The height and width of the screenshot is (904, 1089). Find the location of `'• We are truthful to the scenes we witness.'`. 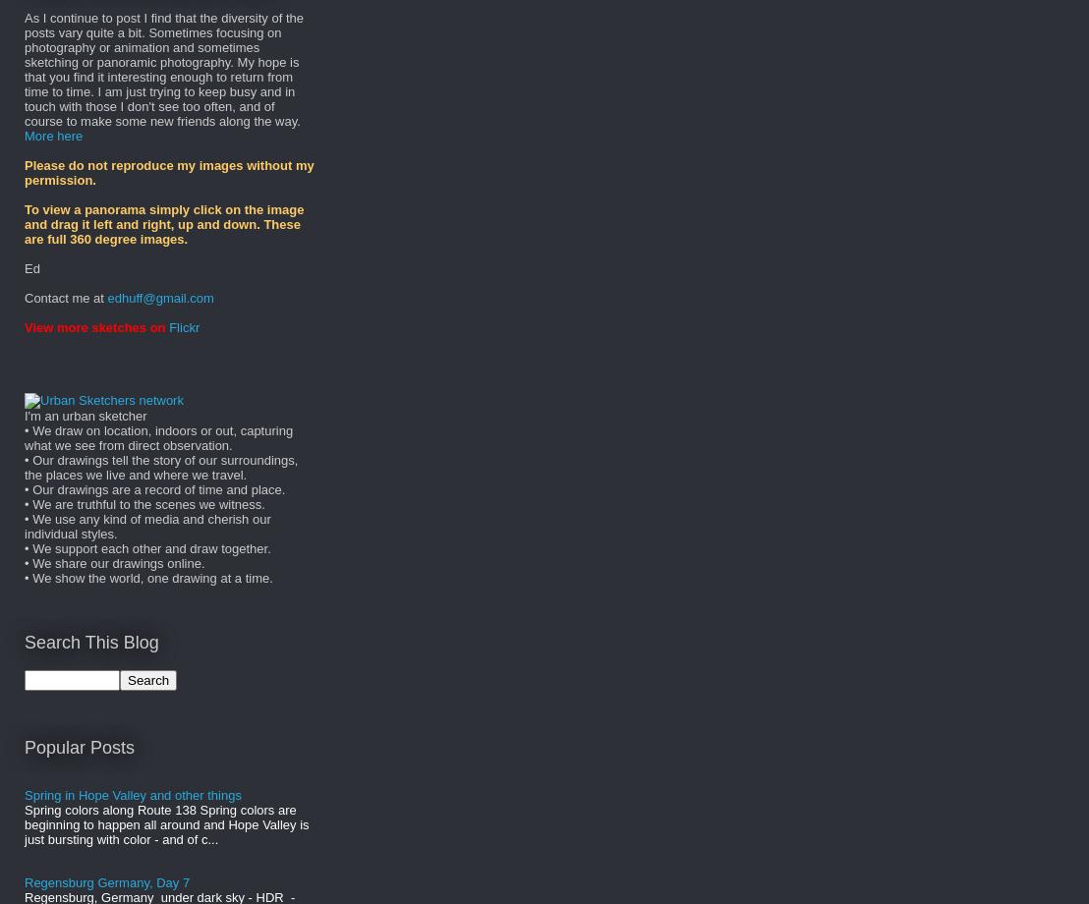

'• We are truthful to the scenes we witness.' is located at coordinates (143, 504).